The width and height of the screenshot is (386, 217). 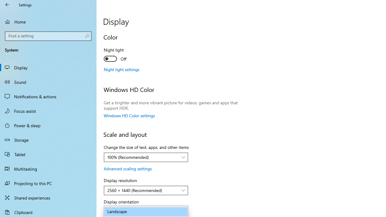 What do you see at coordinates (48, 21) in the screenshot?
I see `'Home'` at bounding box center [48, 21].